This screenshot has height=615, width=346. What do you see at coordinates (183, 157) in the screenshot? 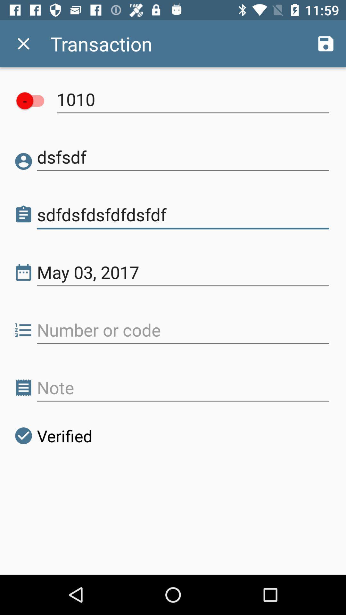
I see `the item below 1010` at bounding box center [183, 157].